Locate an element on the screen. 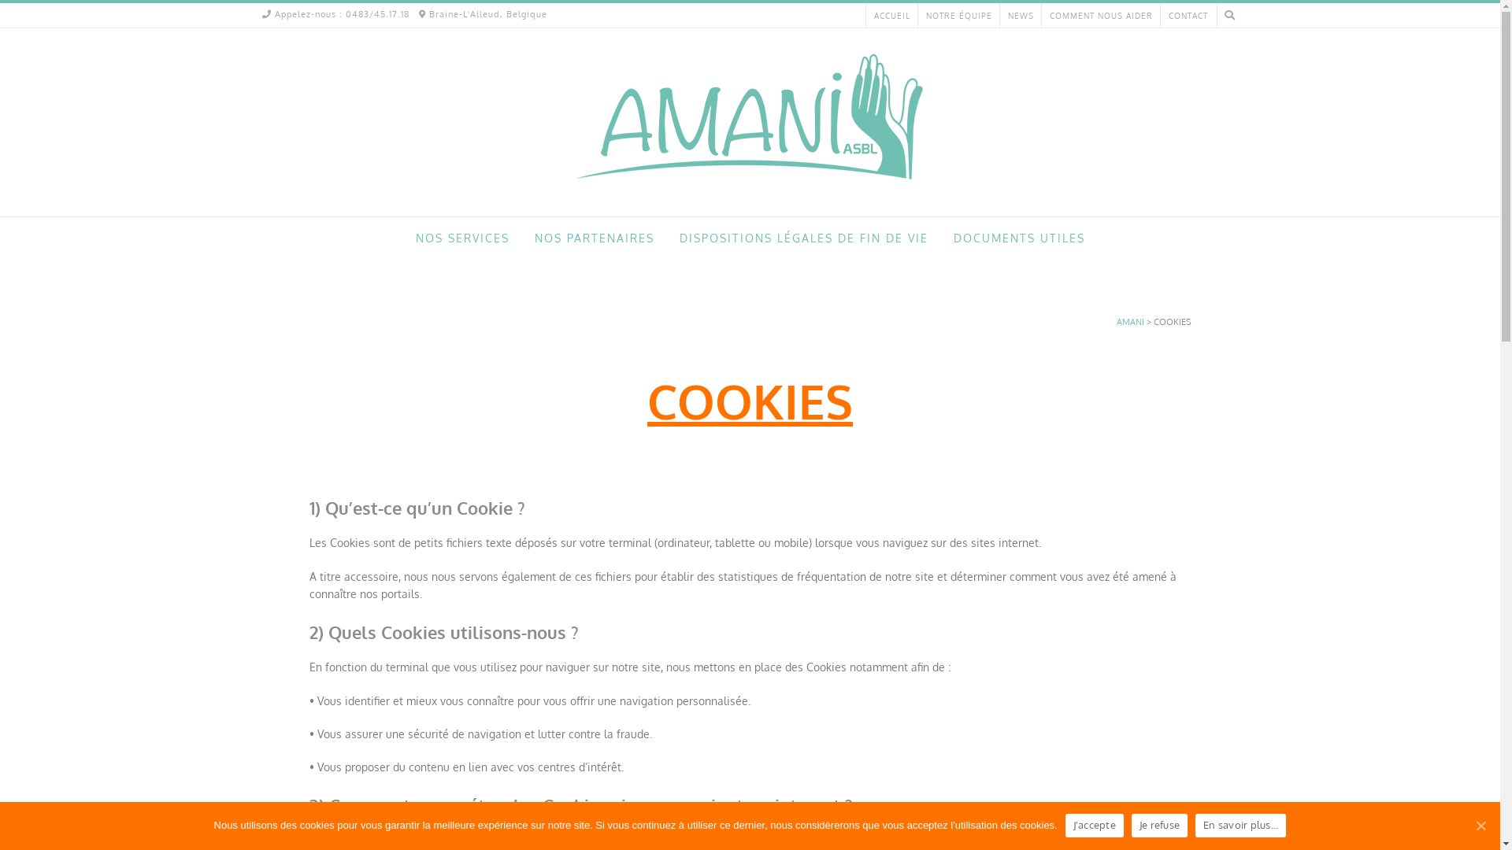 The width and height of the screenshot is (1512, 850). 'Je refuse' is located at coordinates (1159, 825).